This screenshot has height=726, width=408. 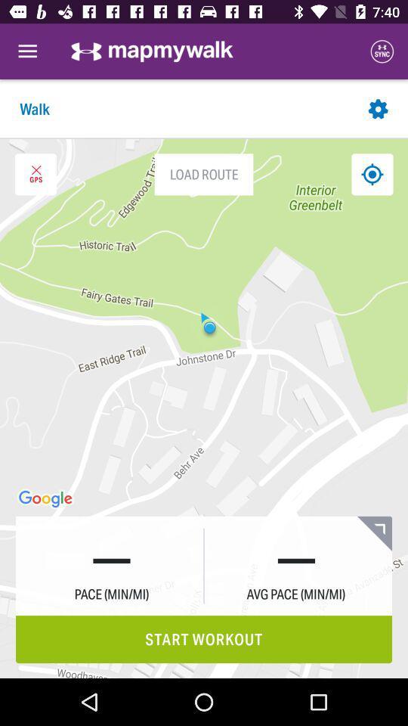 I want to click on find my location, so click(x=371, y=174).